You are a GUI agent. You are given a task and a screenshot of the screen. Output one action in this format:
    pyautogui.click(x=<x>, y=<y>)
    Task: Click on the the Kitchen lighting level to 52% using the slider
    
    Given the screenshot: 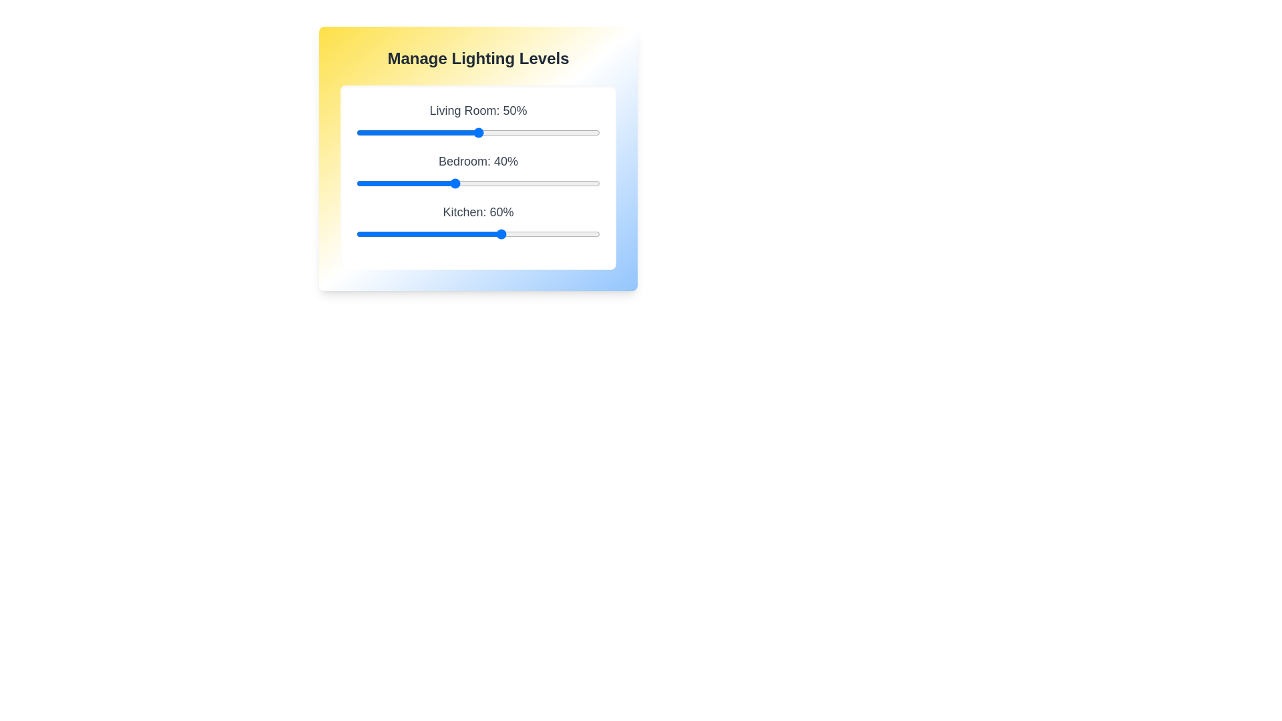 What is the action you would take?
    pyautogui.click(x=482, y=234)
    